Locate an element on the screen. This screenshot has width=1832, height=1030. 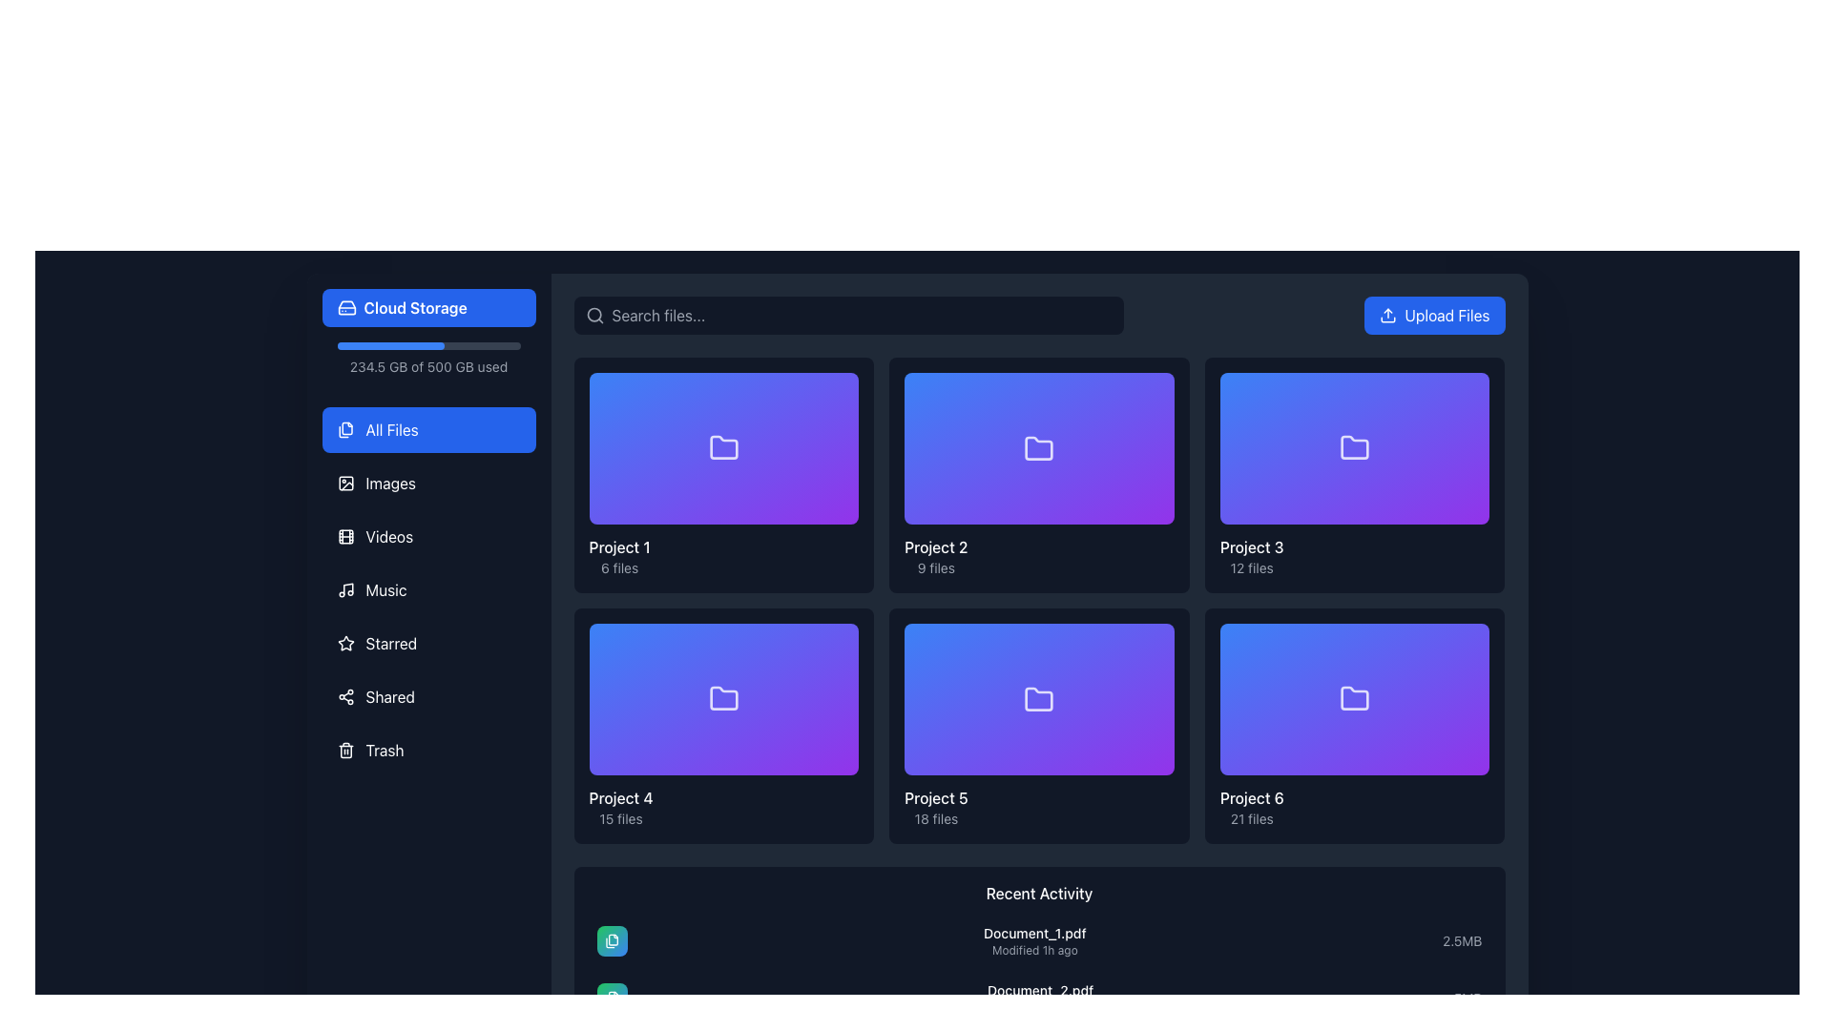
the text label identifying 'Project 1' which contains 6 files, located in the top-left section of the grid layout is located at coordinates (619, 556).